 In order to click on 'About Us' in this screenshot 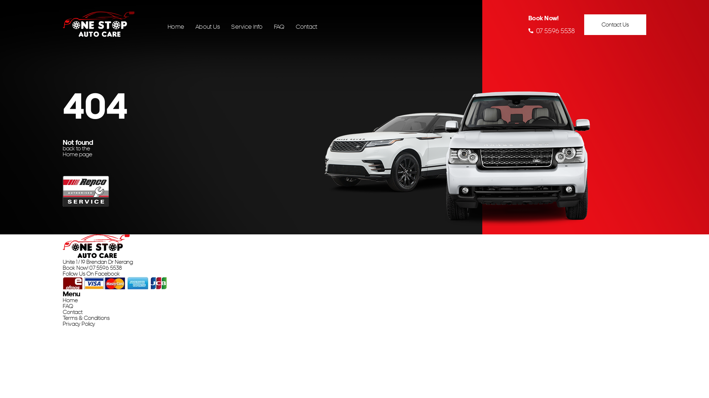, I will do `click(195, 26)`.